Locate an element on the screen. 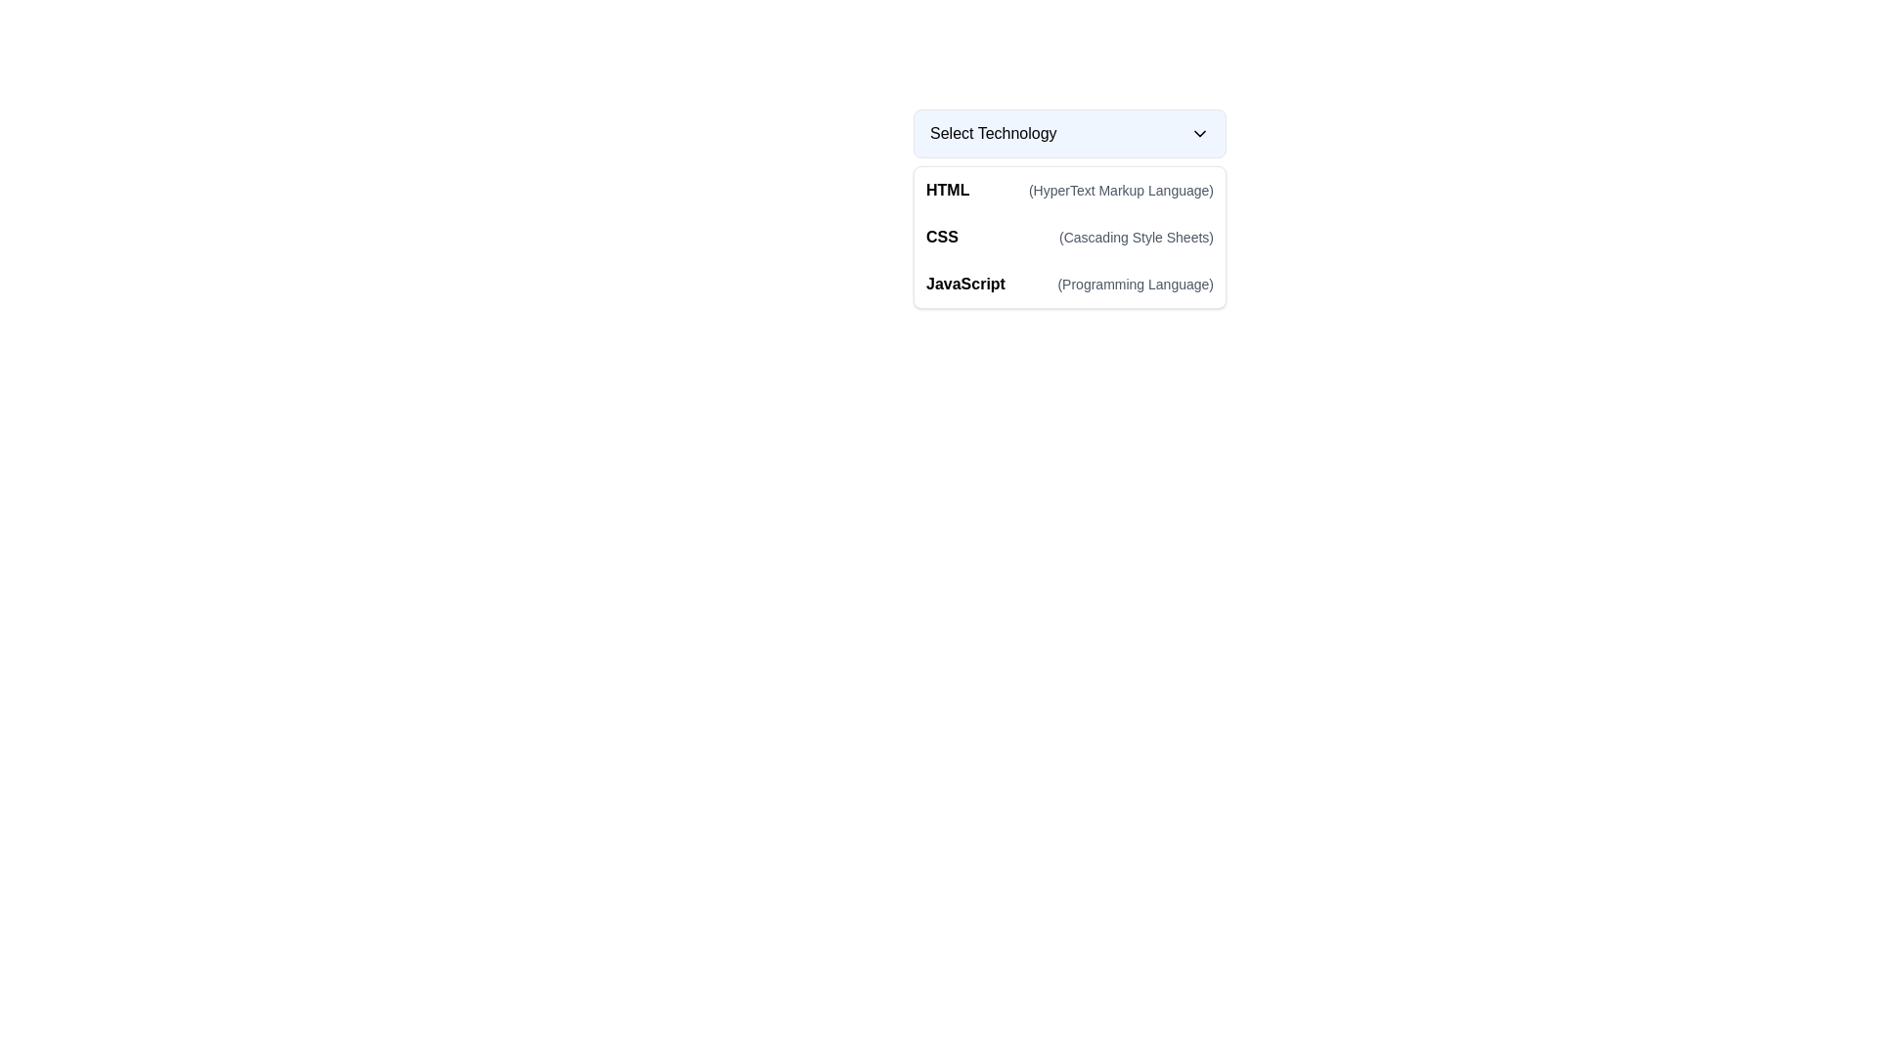  the text label representing '(HyperText Markup Language)' which is styled in gray and aligned to the right of 'HTML' is located at coordinates (1121, 191).